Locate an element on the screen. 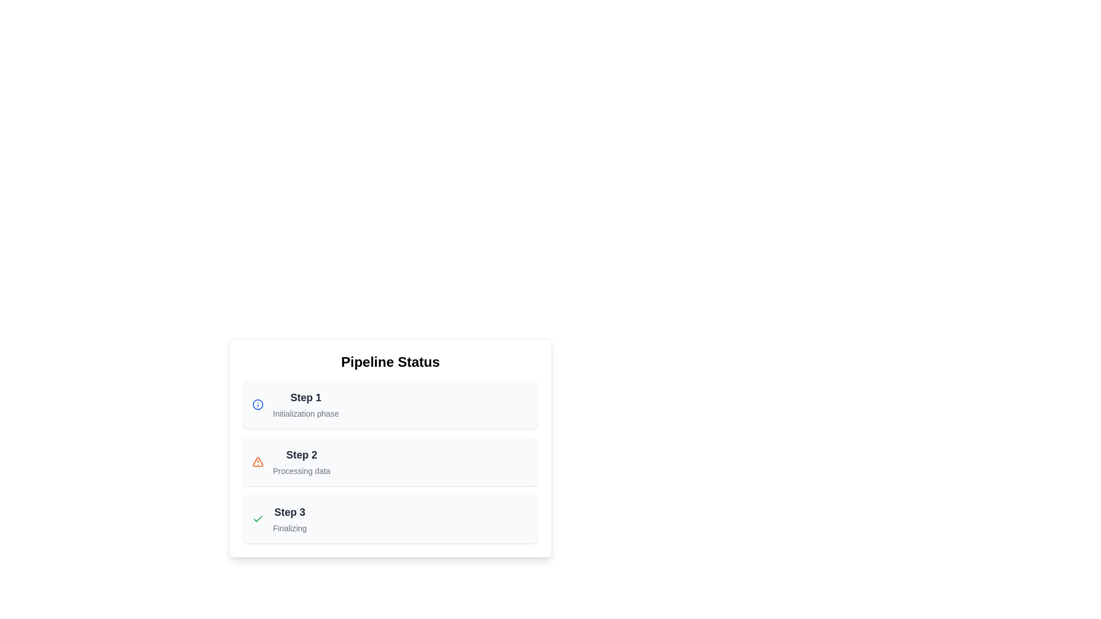 The image size is (1101, 619). the 'Finalizing' label, which is styled in a small-sized gray font and located underneath 'Step 3' in the step-by-step process display is located at coordinates (290, 528).